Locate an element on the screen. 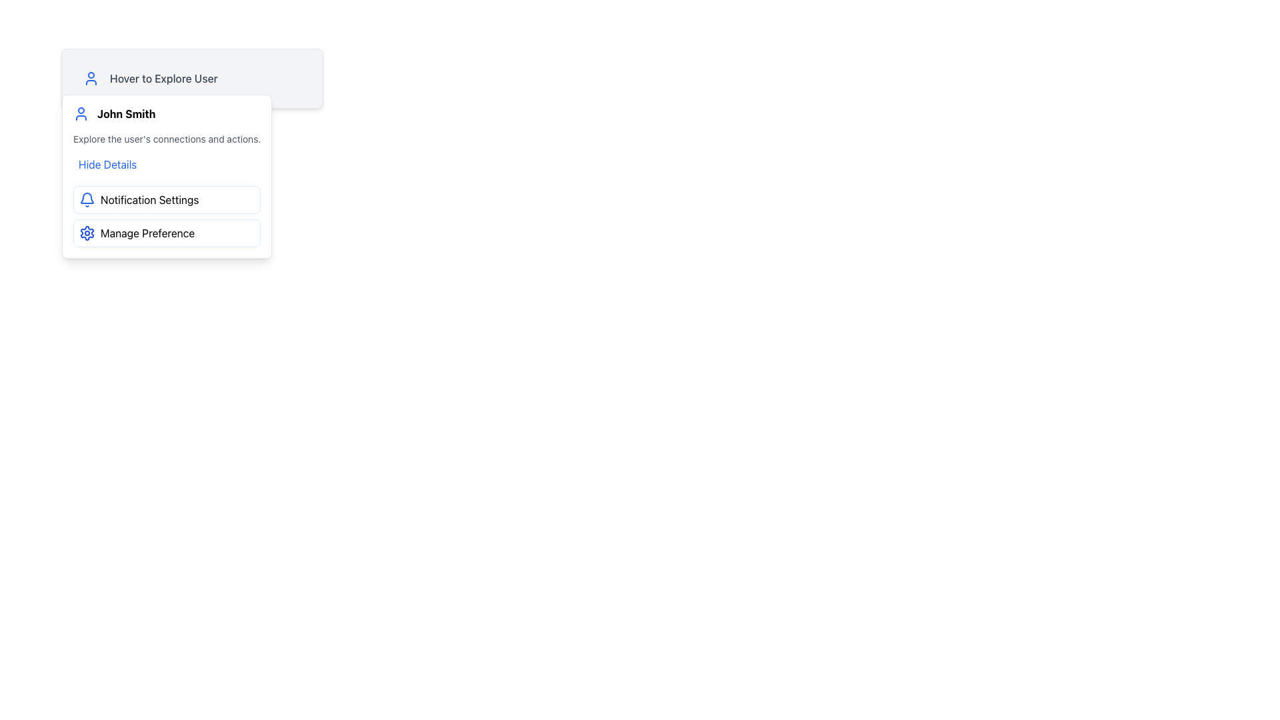 The width and height of the screenshot is (1280, 720). the 'Notification Settings' button with a bell icon to observe additional effects is located at coordinates (166, 200).